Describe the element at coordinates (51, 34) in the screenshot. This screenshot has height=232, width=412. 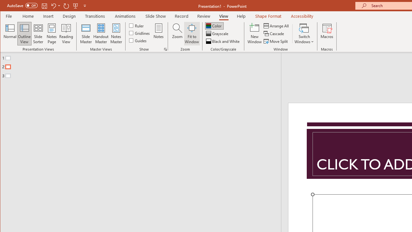
I see `'Notes Page'` at that location.